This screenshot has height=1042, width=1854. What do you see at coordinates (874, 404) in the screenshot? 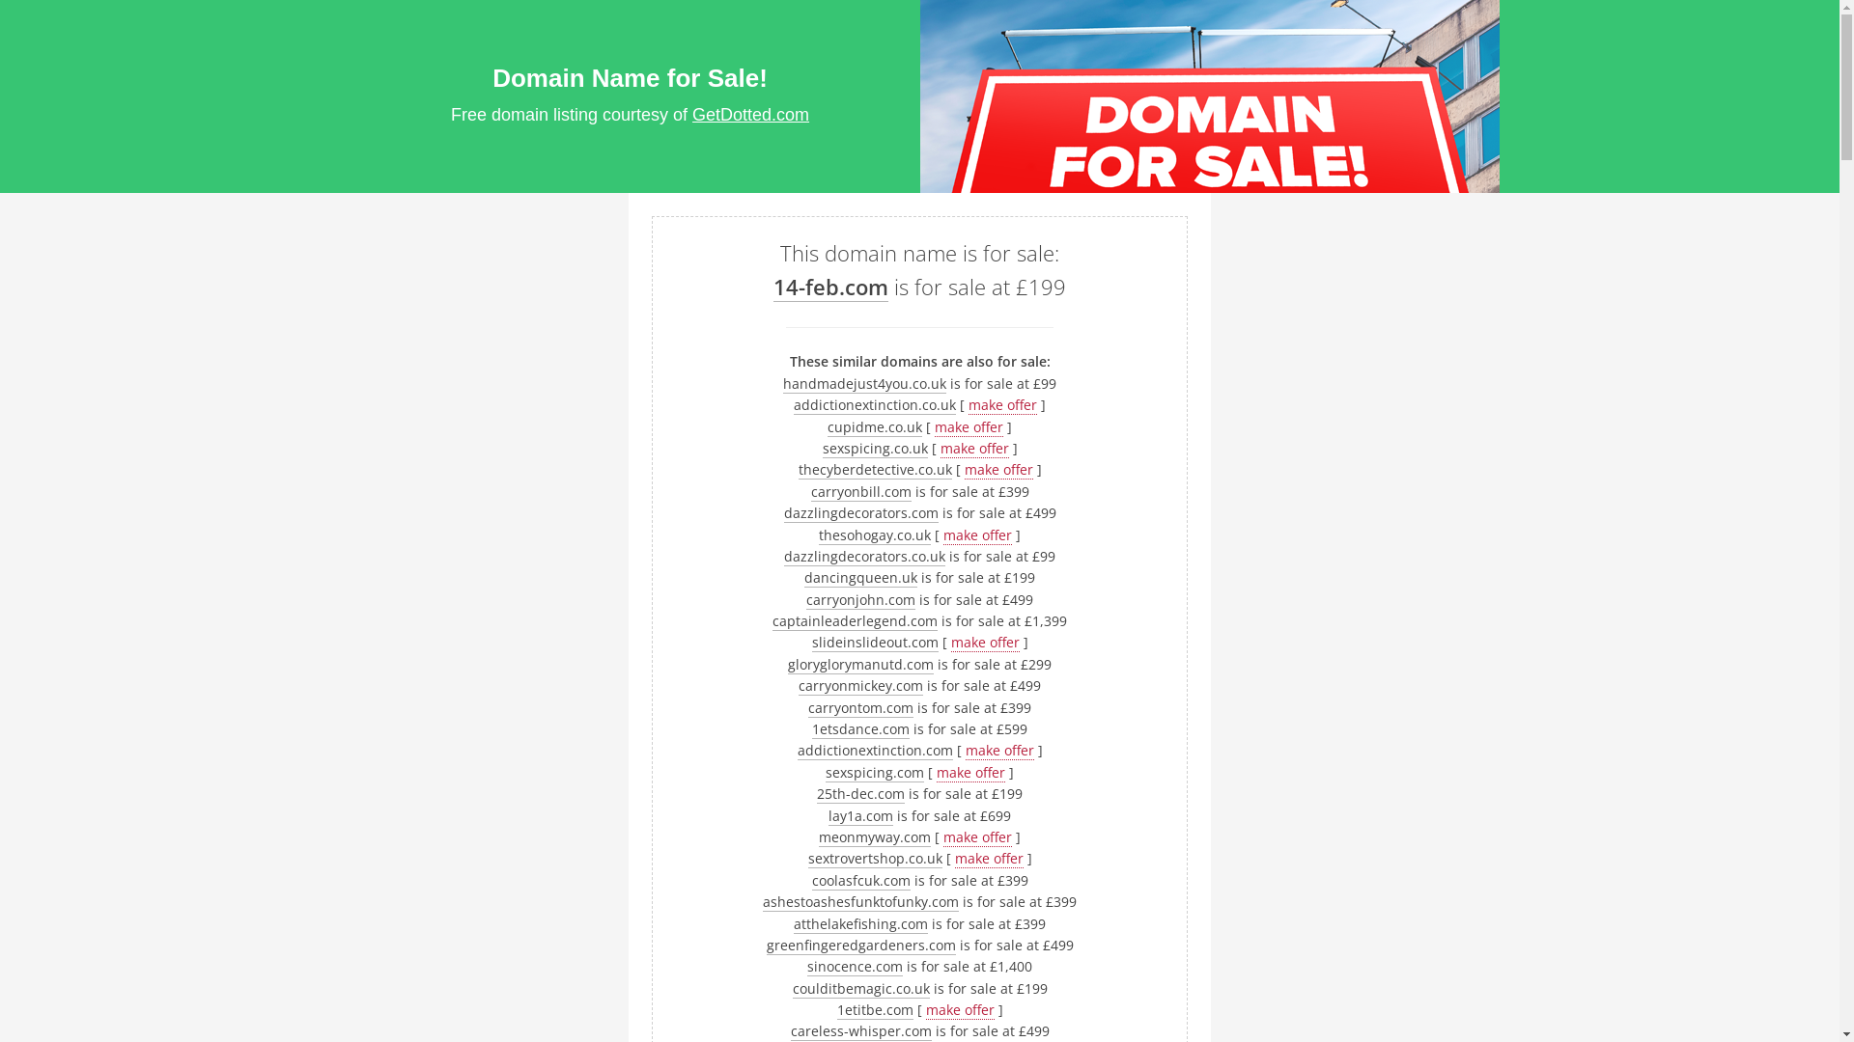
I see `'addictionextinction.co.uk'` at bounding box center [874, 404].